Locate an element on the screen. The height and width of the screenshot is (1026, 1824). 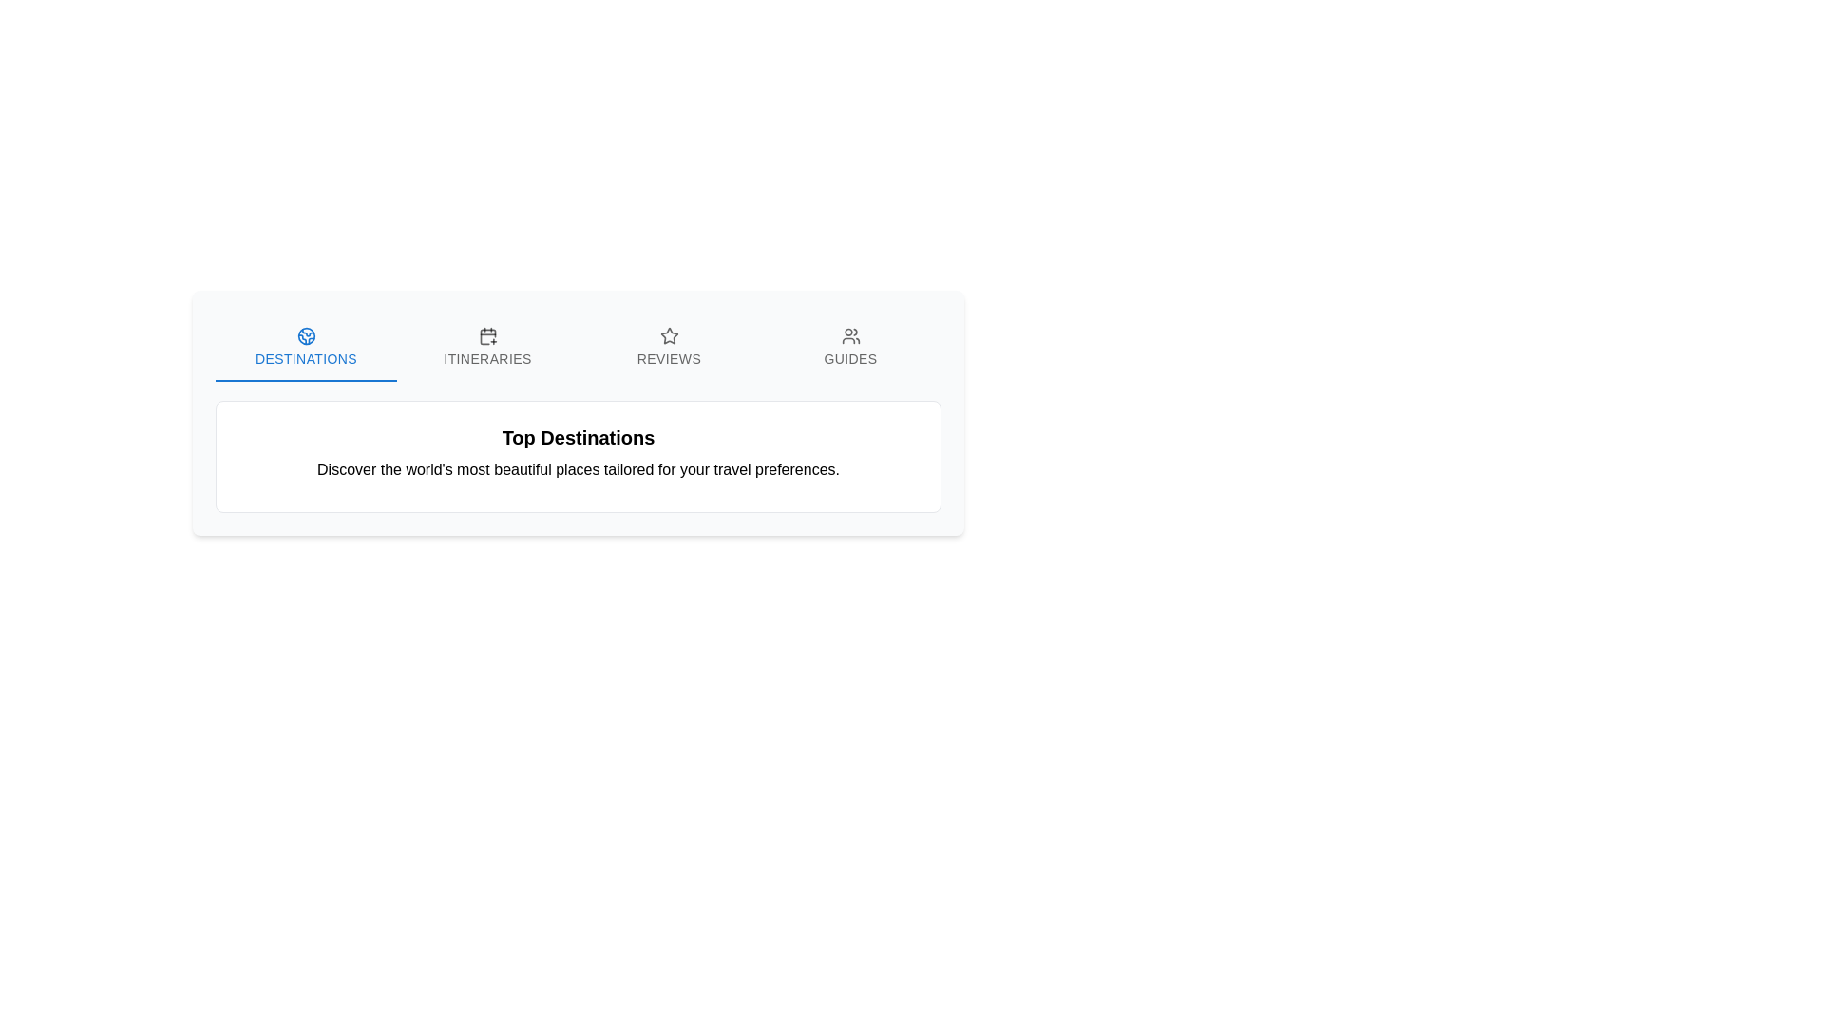
the text block that provides enticing descriptions of destinations, located directly under the 'Top Destinations' heading is located at coordinates (578, 469).